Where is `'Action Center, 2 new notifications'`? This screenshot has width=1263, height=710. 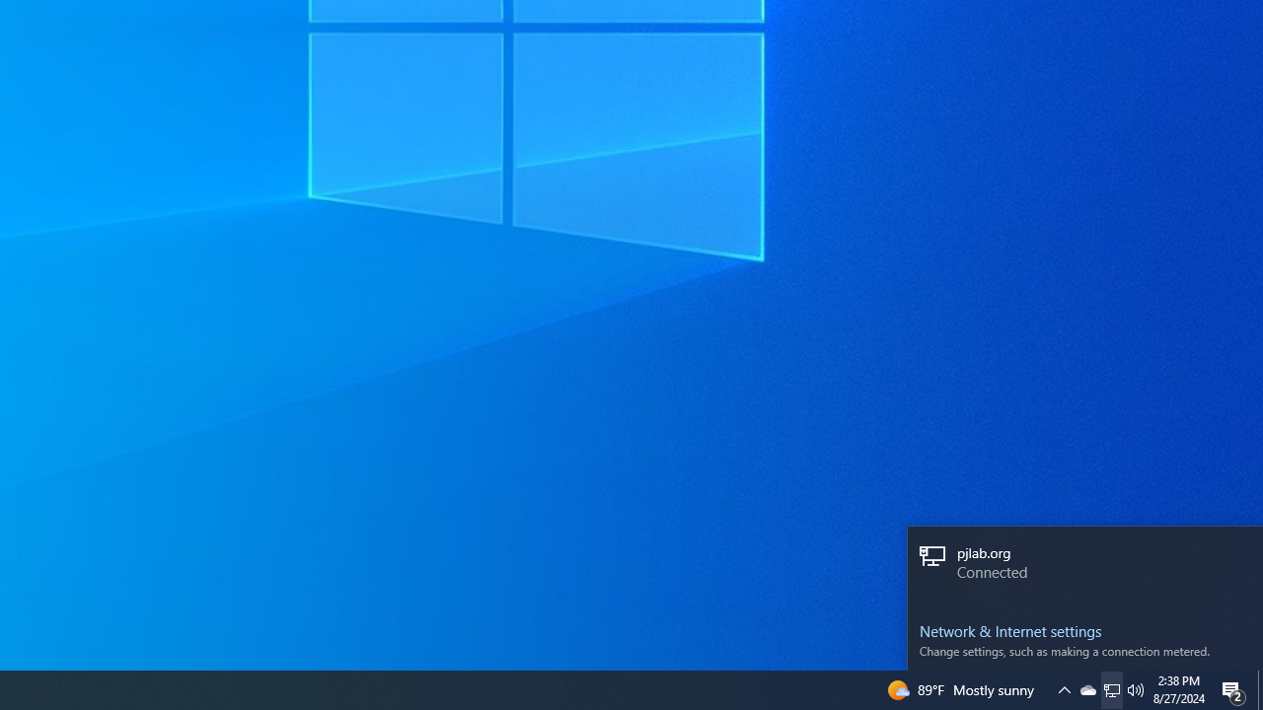 'Action Center, 2 new notifications' is located at coordinates (1233, 688).